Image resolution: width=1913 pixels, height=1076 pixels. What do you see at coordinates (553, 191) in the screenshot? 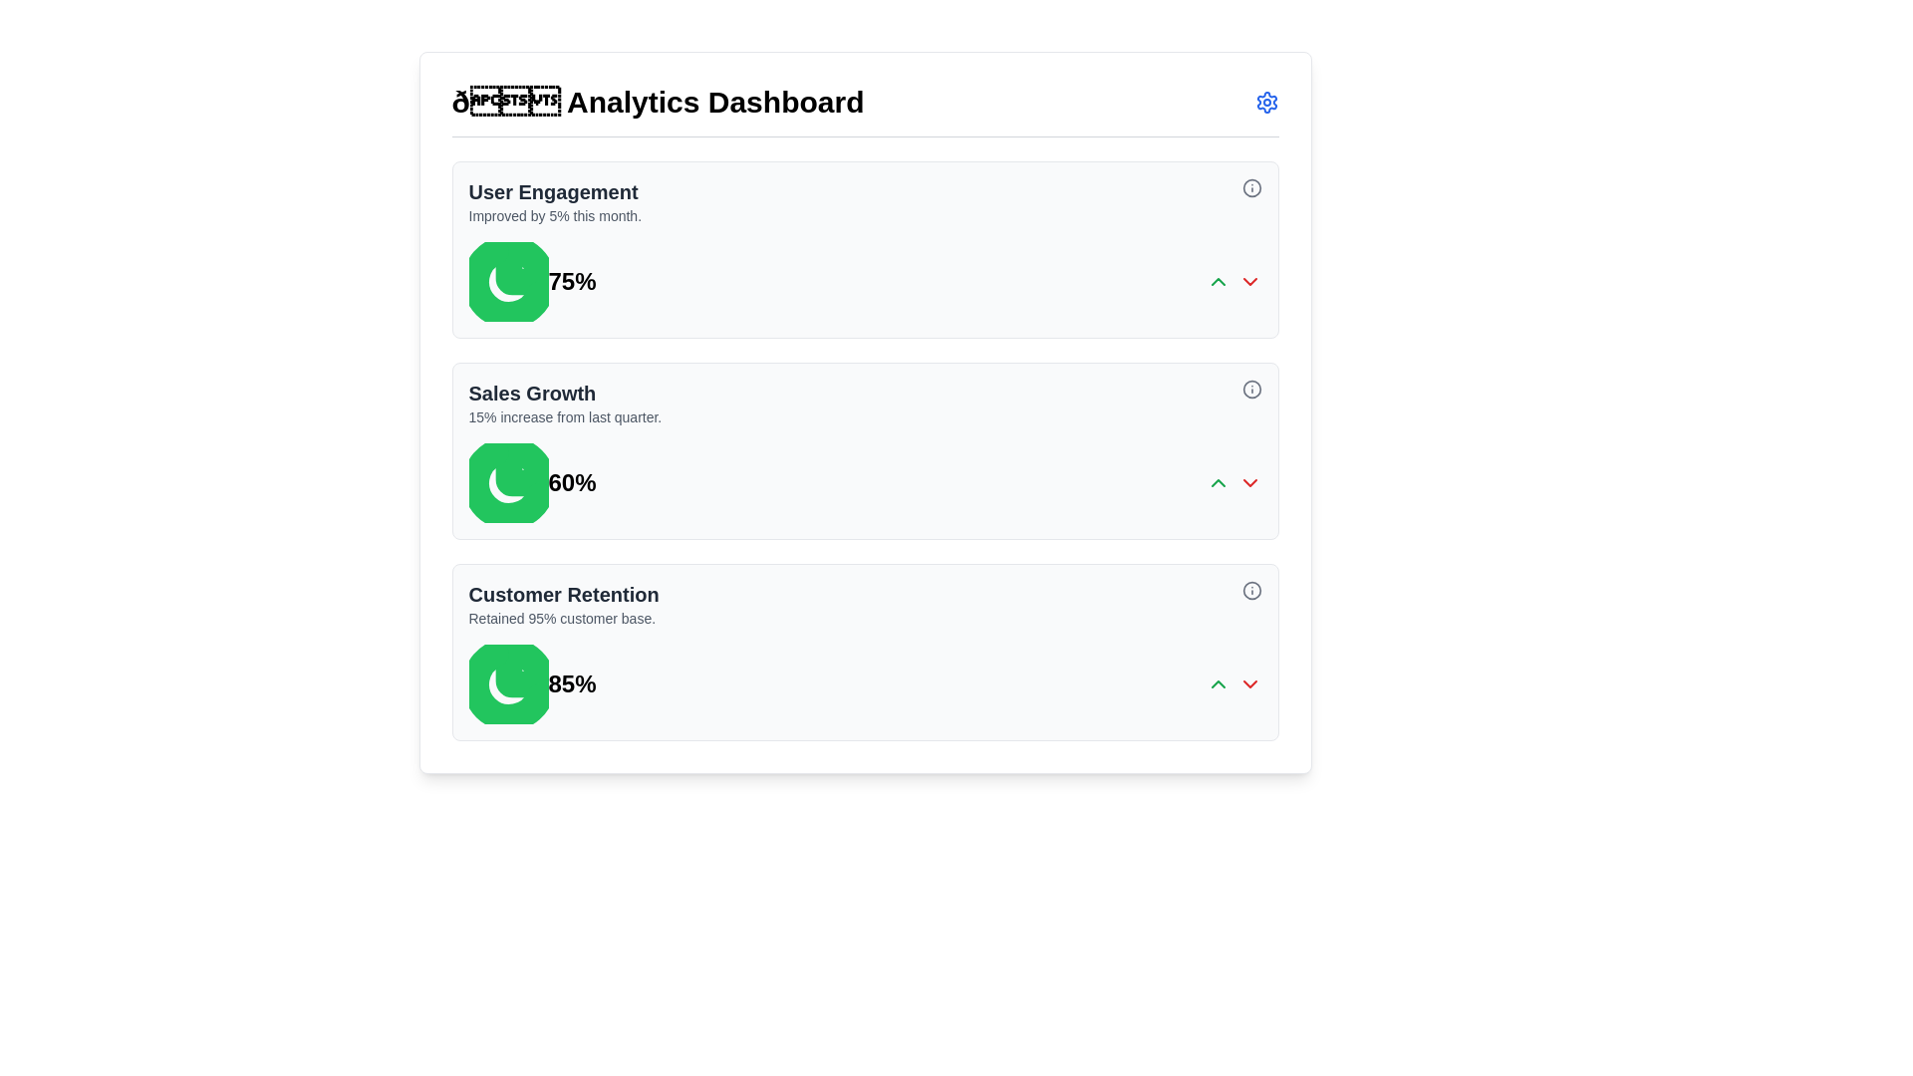
I see `the 'User Engagement' text header, which is displayed in bold and slightly larger font style at the top of the engagement metrics section` at bounding box center [553, 191].